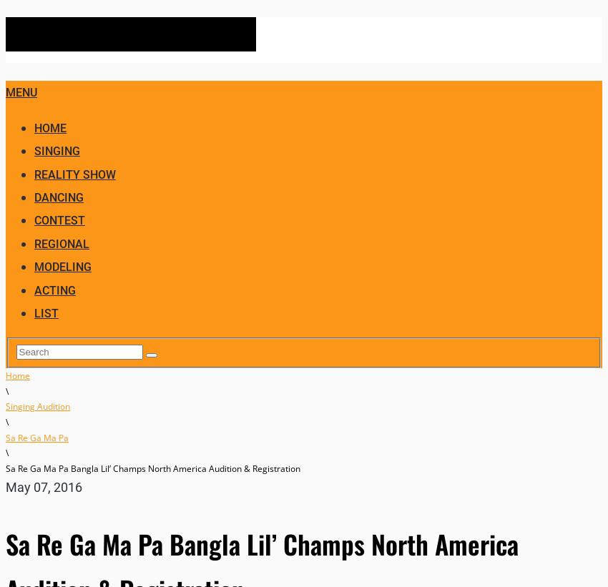 This screenshot has width=608, height=587. What do you see at coordinates (61, 243) in the screenshot?
I see `'Regional'` at bounding box center [61, 243].